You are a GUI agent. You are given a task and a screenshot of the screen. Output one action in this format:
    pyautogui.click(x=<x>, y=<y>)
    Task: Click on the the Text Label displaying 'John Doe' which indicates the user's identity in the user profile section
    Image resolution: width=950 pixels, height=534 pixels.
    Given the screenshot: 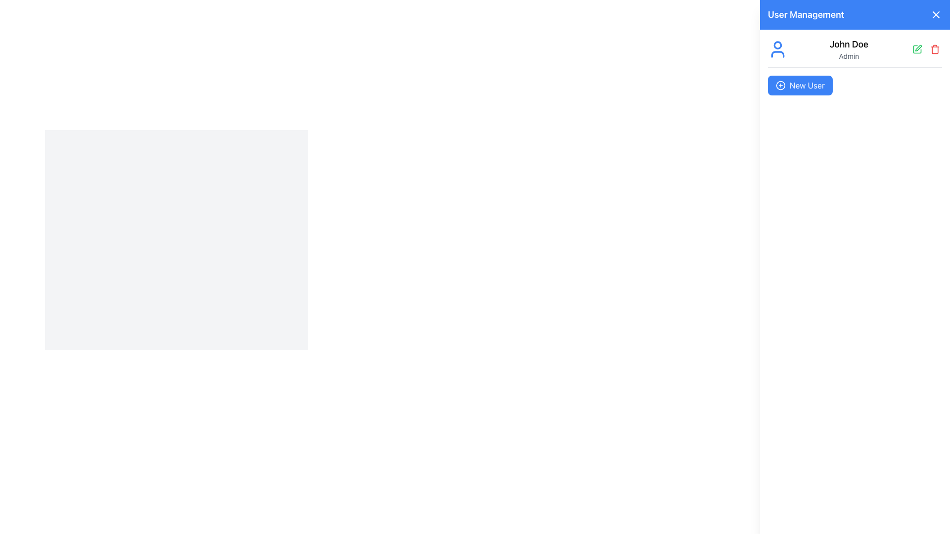 What is the action you would take?
    pyautogui.click(x=849, y=43)
    